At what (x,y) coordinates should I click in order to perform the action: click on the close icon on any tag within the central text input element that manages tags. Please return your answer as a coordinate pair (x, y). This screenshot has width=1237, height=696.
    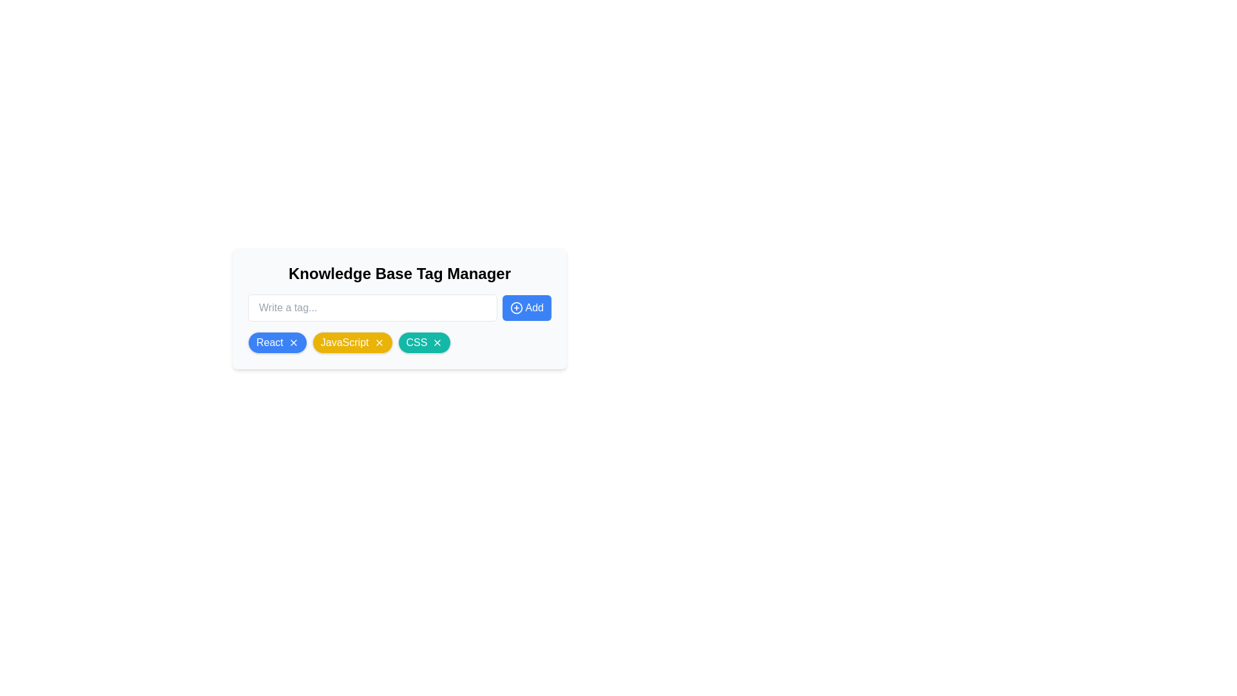
    Looking at the image, I should click on (399, 360).